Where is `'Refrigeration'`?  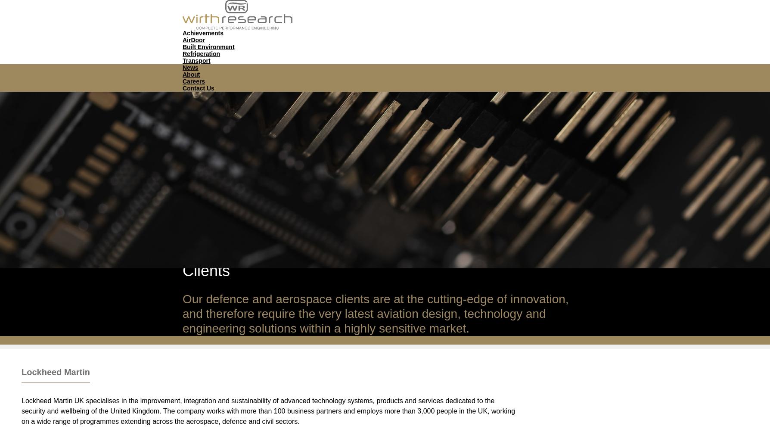 'Refrigeration' is located at coordinates (201, 53).